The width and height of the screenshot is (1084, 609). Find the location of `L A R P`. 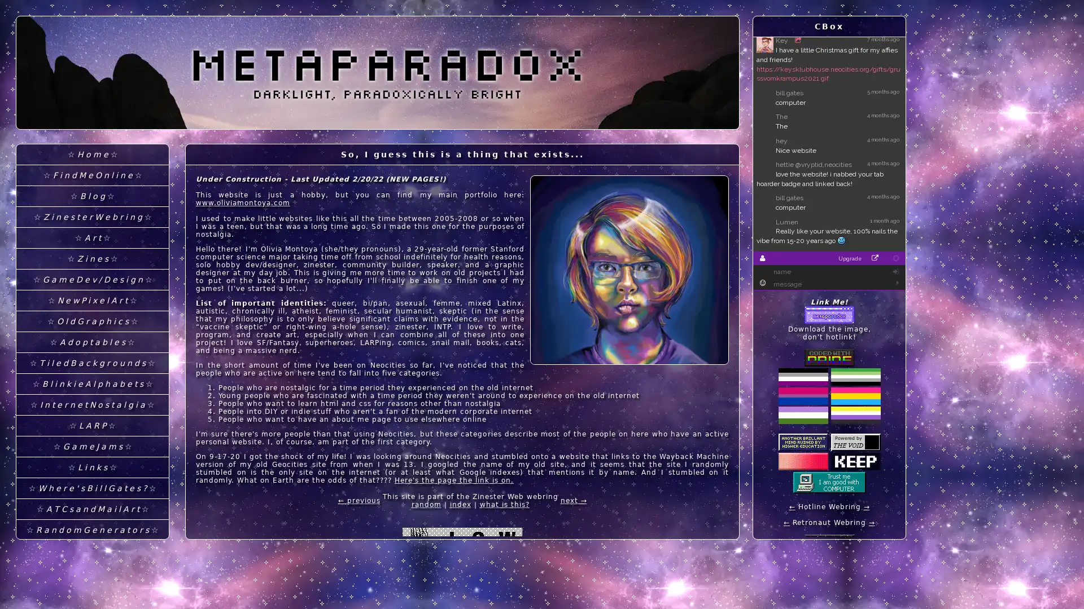

L A R P is located at coordinates (92, 426).